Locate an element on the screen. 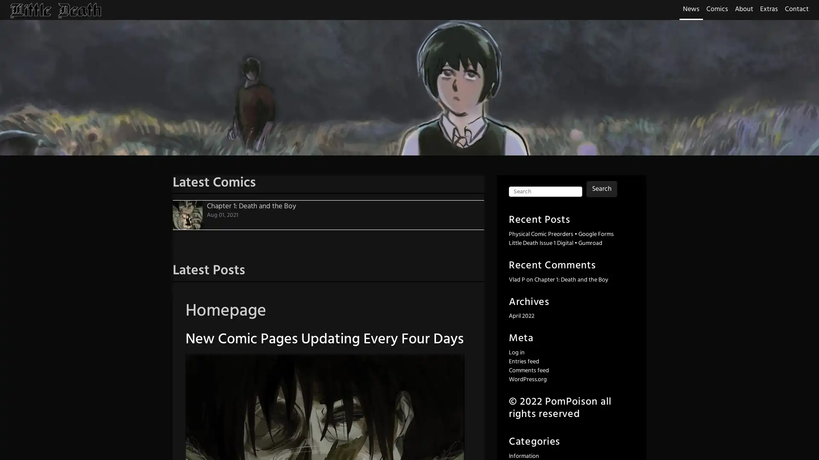  Search is located at coordinates (601, 188).